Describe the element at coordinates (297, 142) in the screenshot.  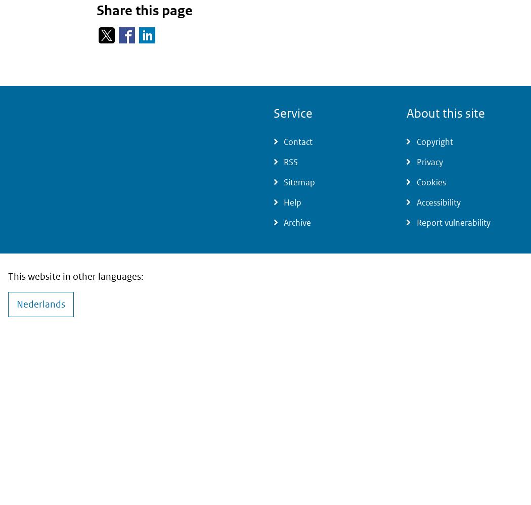
I see `'Contact'` at that location.